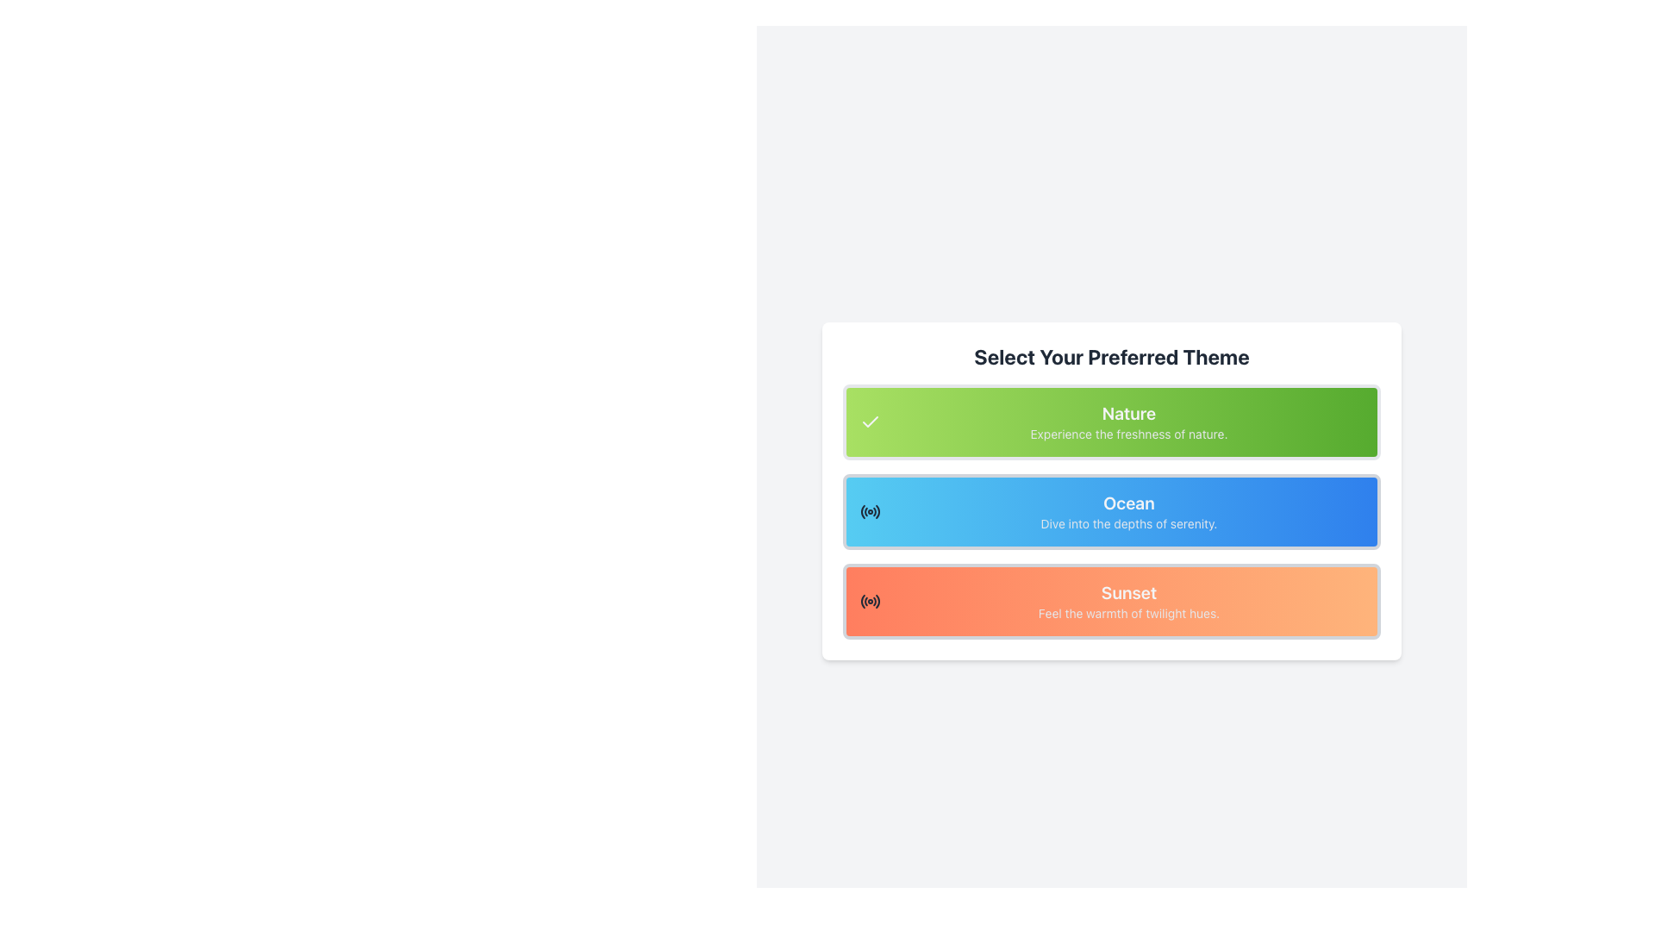 This screenshot has width=1655, height=931. Describe the element at coordinates (1112, 511) in the screenshot. I see `the 'Ocean' theme button, which is the second option in the theme selection list under 'Select Your Preferred Theme'` at that location.